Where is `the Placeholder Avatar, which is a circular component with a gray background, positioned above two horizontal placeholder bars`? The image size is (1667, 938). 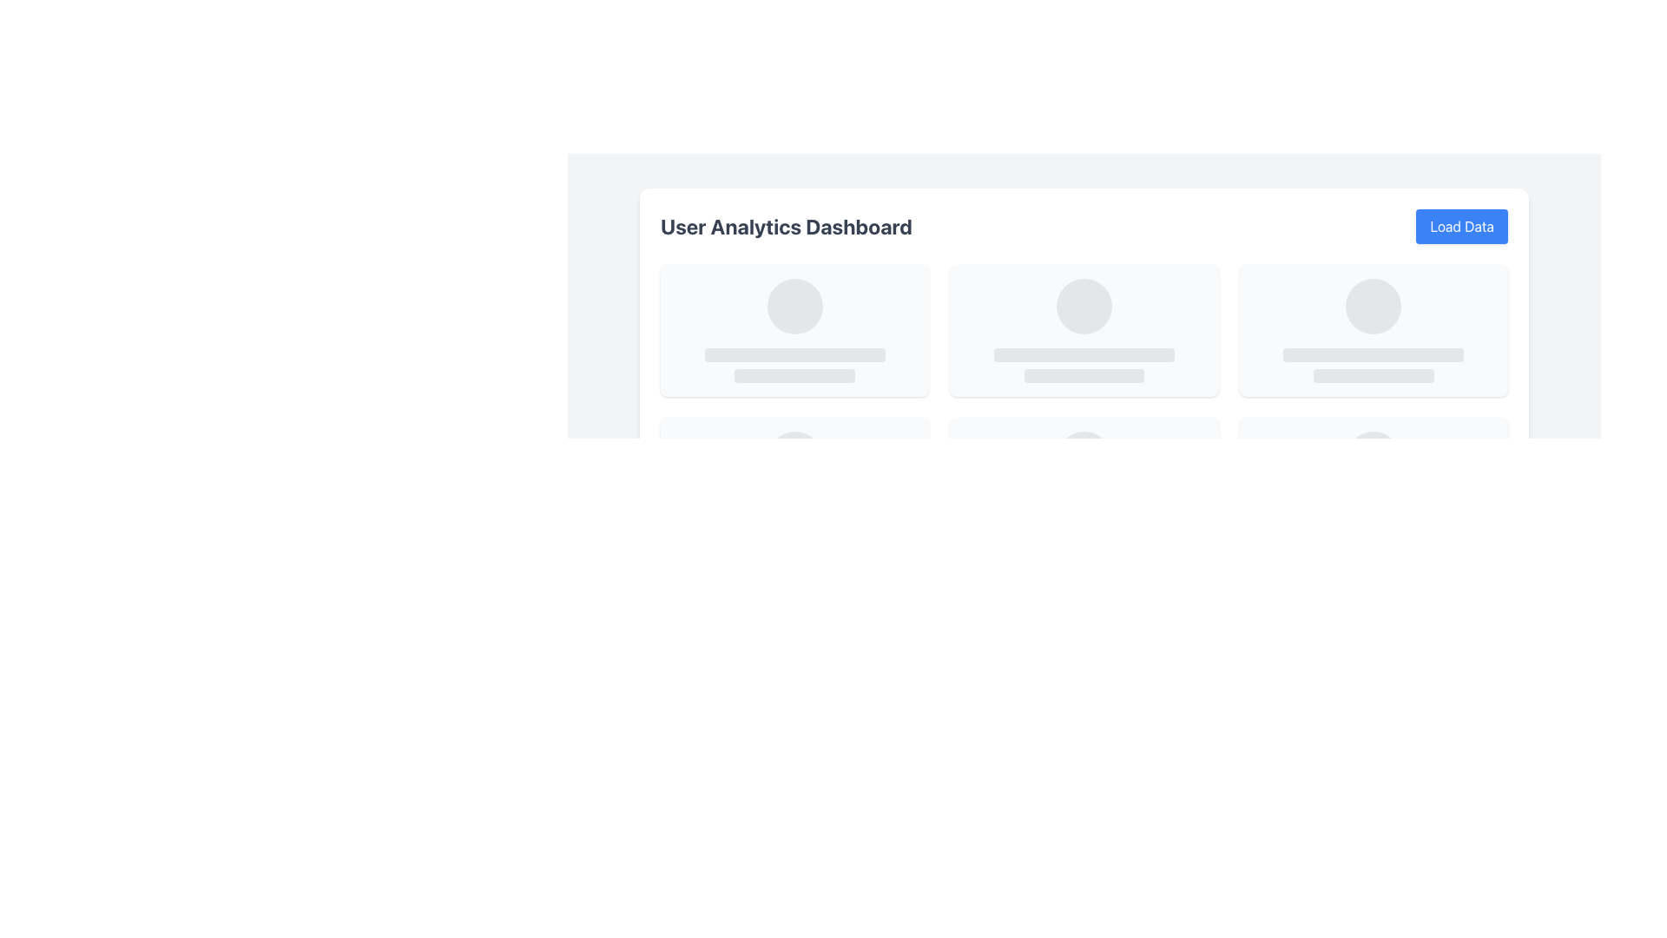 the Placeholder Avatar, which is a circular component with a gray background, positioned above two horizontal placeholder bars is located at coordinates (794, 306).